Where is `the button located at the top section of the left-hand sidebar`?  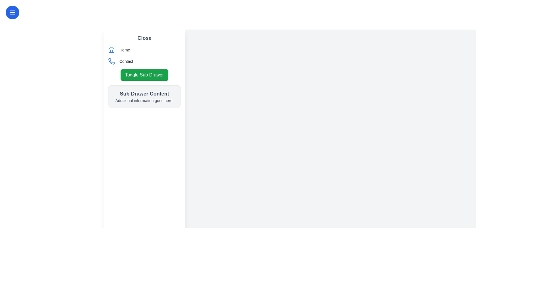 the button located at the top section of the left-hand sidebar is located at coordinates (144, 38).